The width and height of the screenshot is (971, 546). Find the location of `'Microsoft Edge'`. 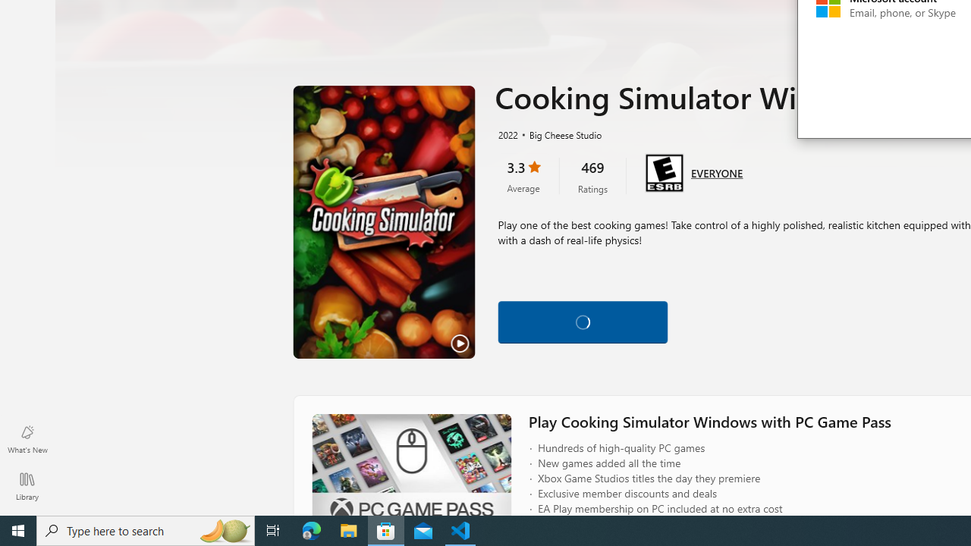

'Microsoft Edge' is located at coordinates (311, 529).